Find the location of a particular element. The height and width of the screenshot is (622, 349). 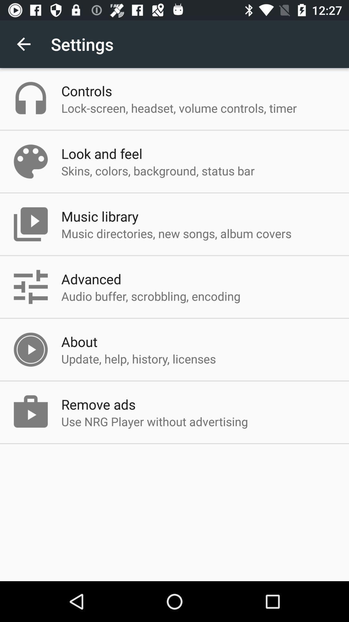

the use nrg player app is located at coordinates (154, 421).